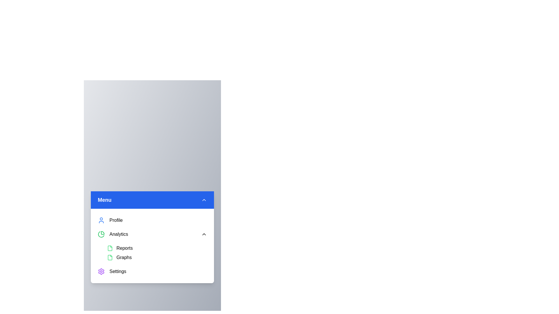 This screenshot has width=559, height=314. What do you see at coordinates (159, 257) in the screenshot?
I see `the 'Graphs' menu item, which is the second option under the 'Reports' section in the dropdown menu` at bounding box center [159, 257].